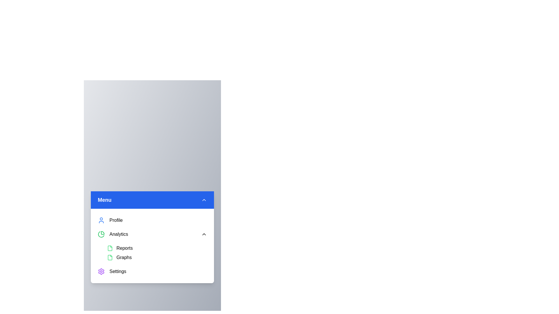 This screenshot has width=559, height=314. What do you see at coordinates (159, 257) in the screenshot?
I see `the 'Graphs' menu item, which is the second option under the 'Reports' section in the dropdown menu` at bounding box center [159, 257].